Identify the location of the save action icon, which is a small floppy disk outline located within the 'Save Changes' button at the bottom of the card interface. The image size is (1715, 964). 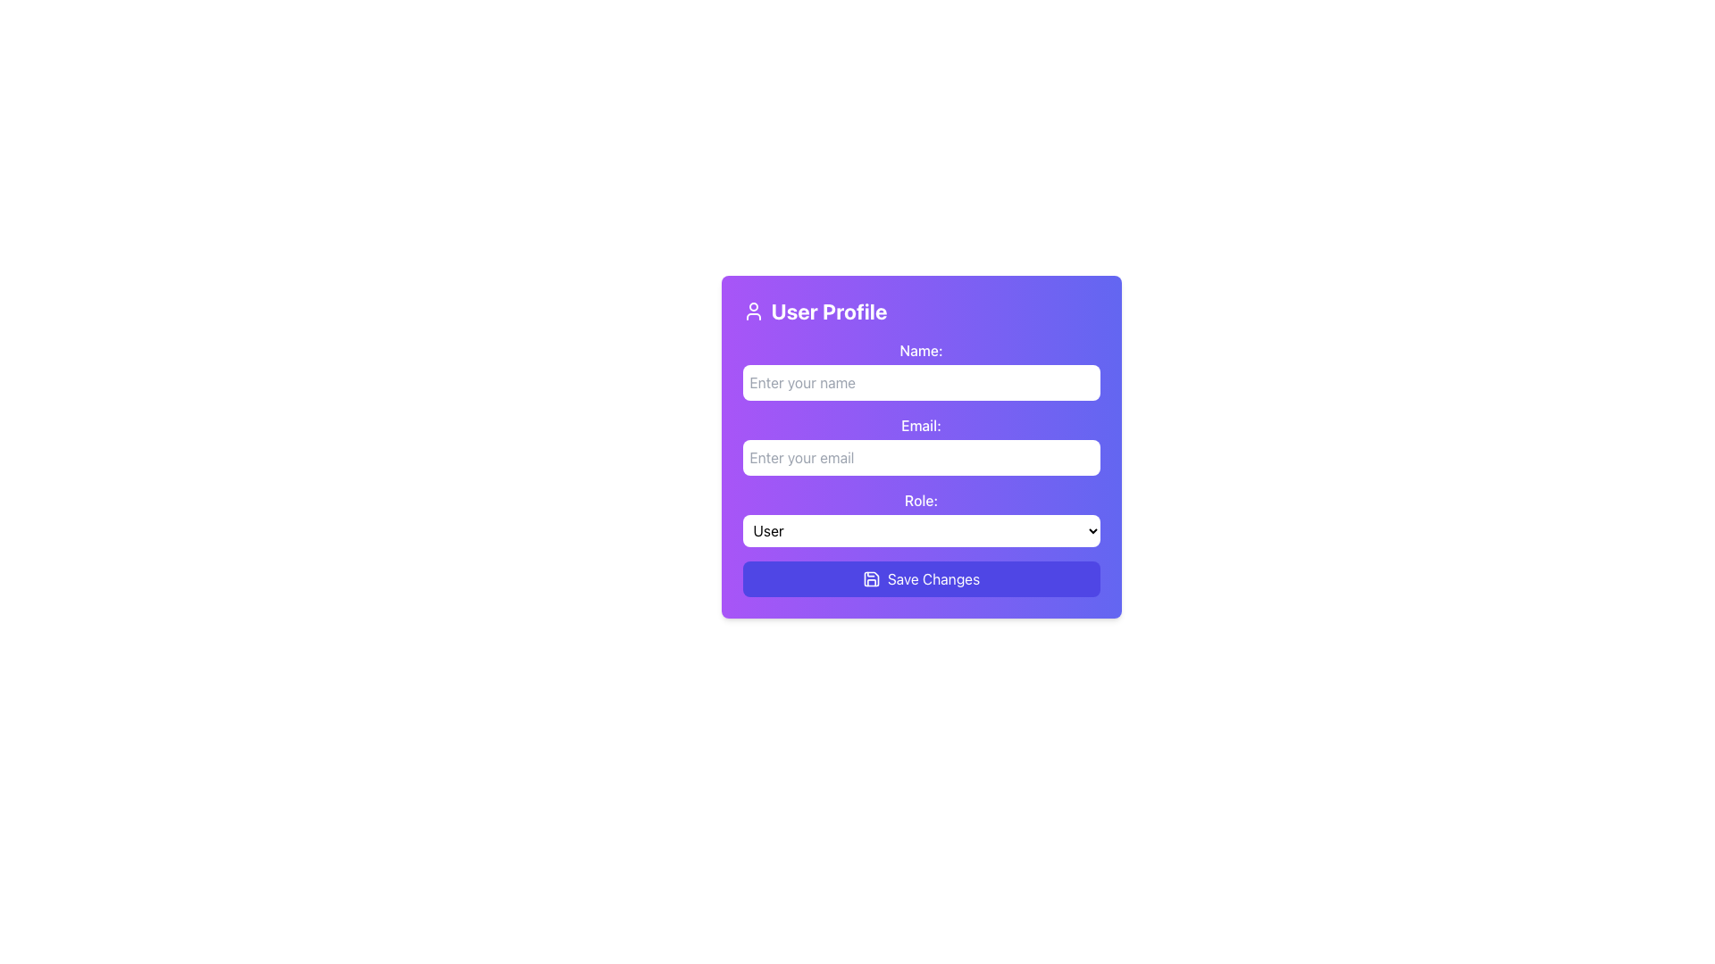
(871, 578).